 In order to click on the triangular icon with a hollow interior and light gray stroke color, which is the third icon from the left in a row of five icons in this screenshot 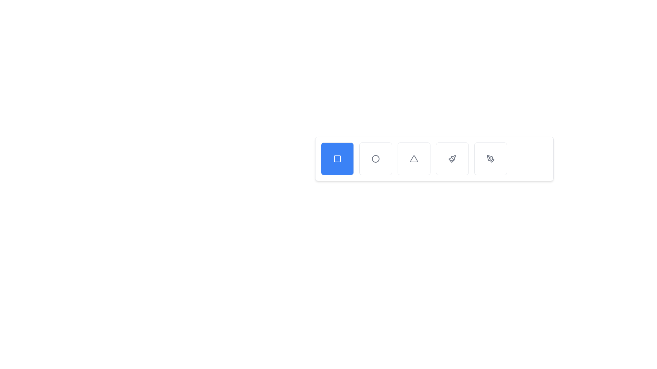, I will do `click(413, 159)`.